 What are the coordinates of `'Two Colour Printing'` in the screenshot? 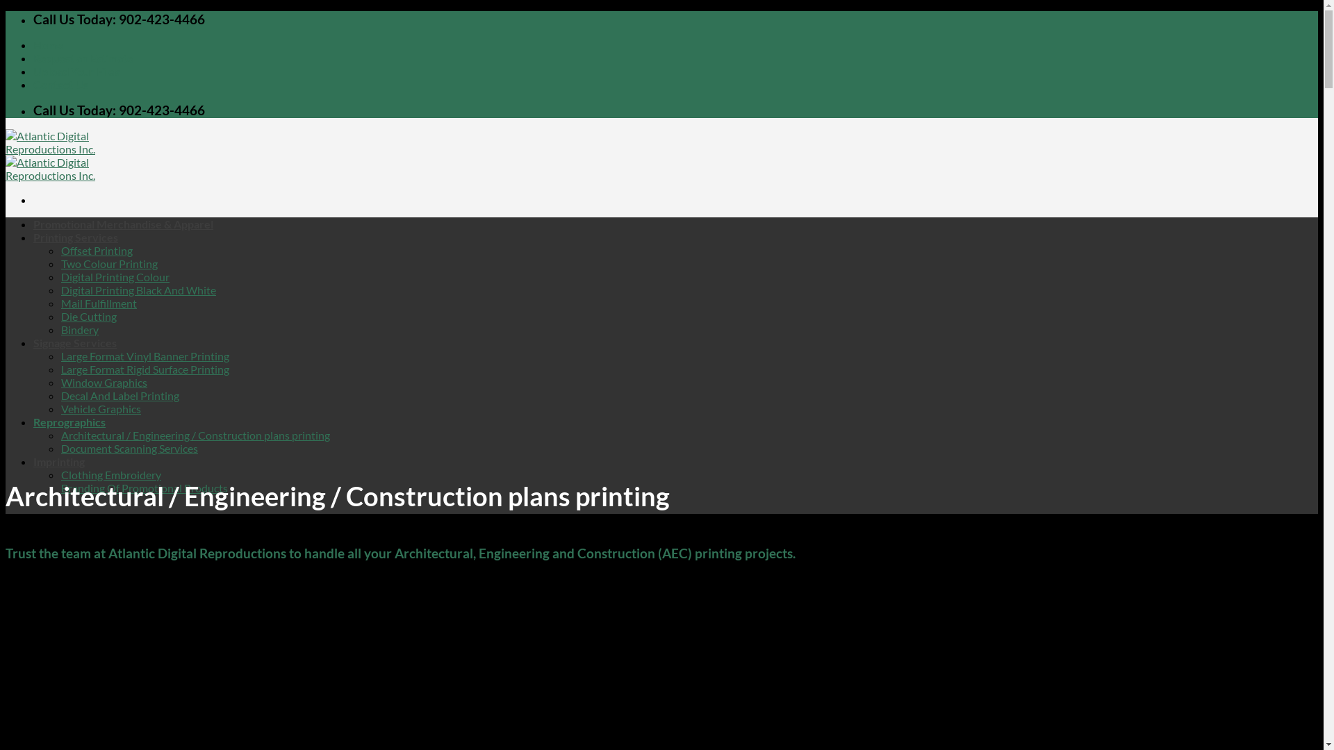 It's located at (108, 263).